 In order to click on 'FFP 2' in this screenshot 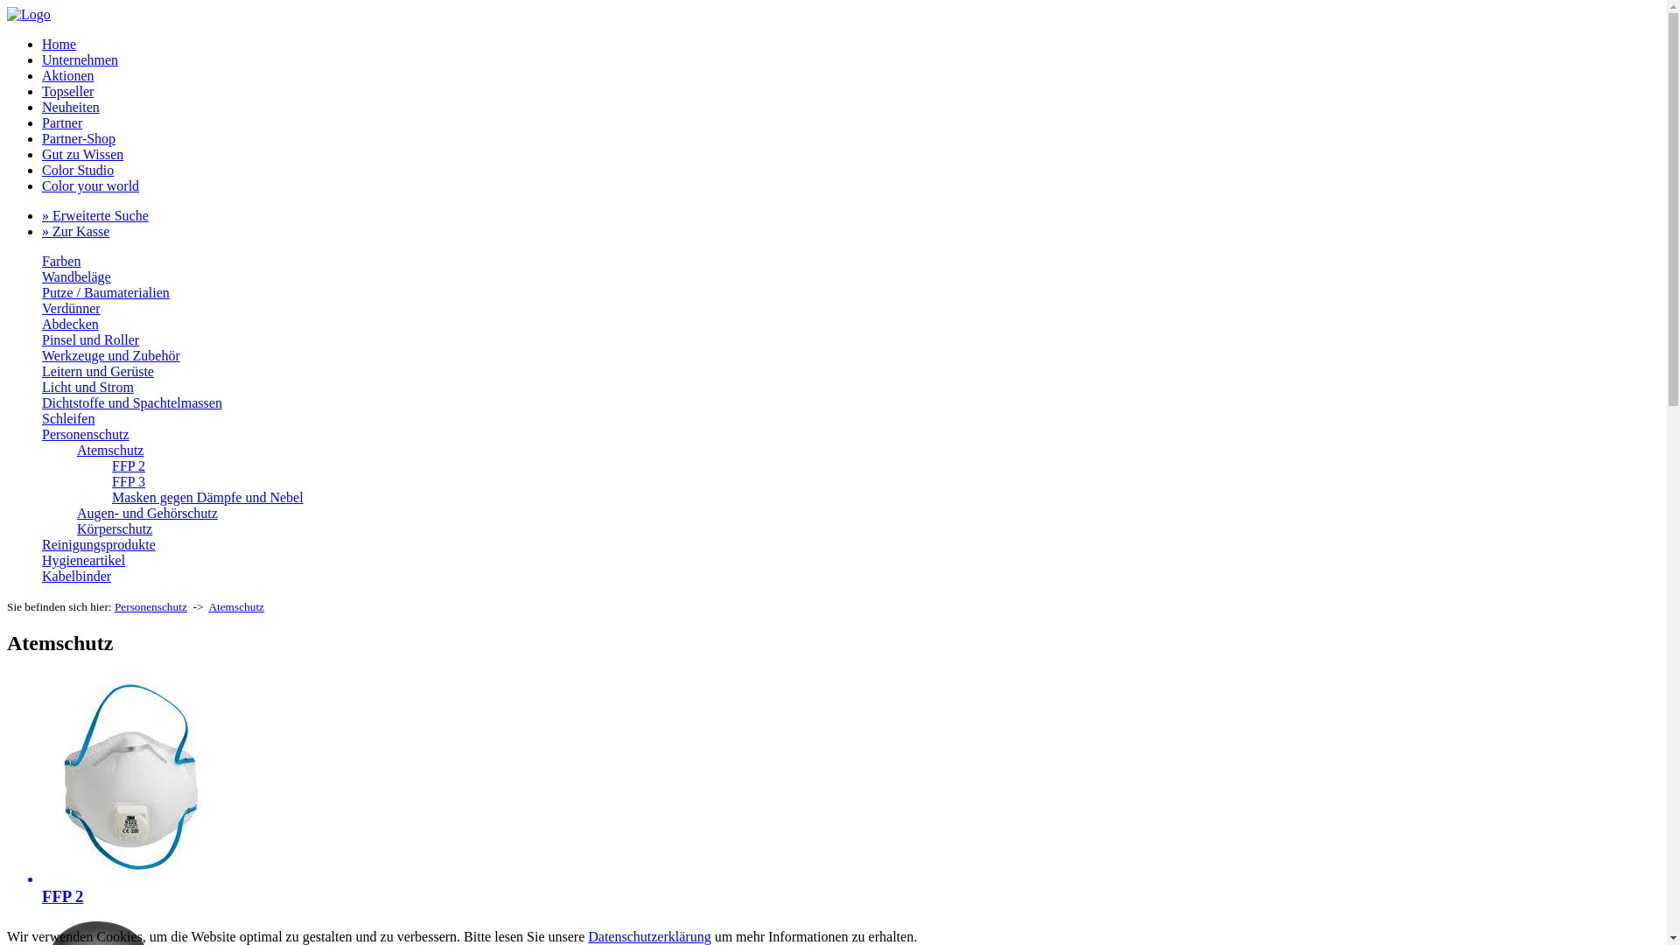, I will do `click(7, 789)`.